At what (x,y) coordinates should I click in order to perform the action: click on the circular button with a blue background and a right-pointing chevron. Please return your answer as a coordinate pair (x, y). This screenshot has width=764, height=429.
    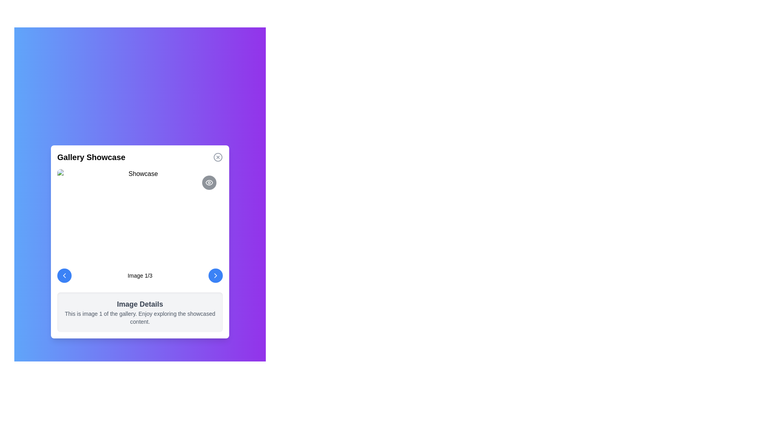
    Looking at the image, I should click on (216, 275).